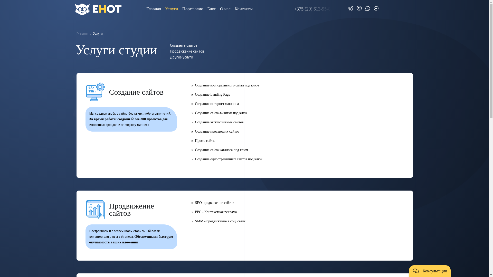 The width and height of the screenshot is (493, 277). What do you see at coordinates (313, 9) in the screenshot?
I see `'+375 (29) 613-95-8'` at bounding box center [313, 9].